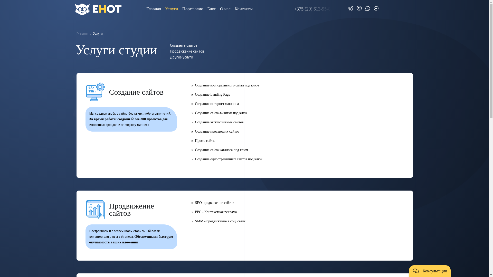 The width and height of the screenshot is (493, 277). What do you see at coordinates (313, 9) in the screenshot?
I see `'+375 (29) 613-95-8'` at bounding box center [313, 9].